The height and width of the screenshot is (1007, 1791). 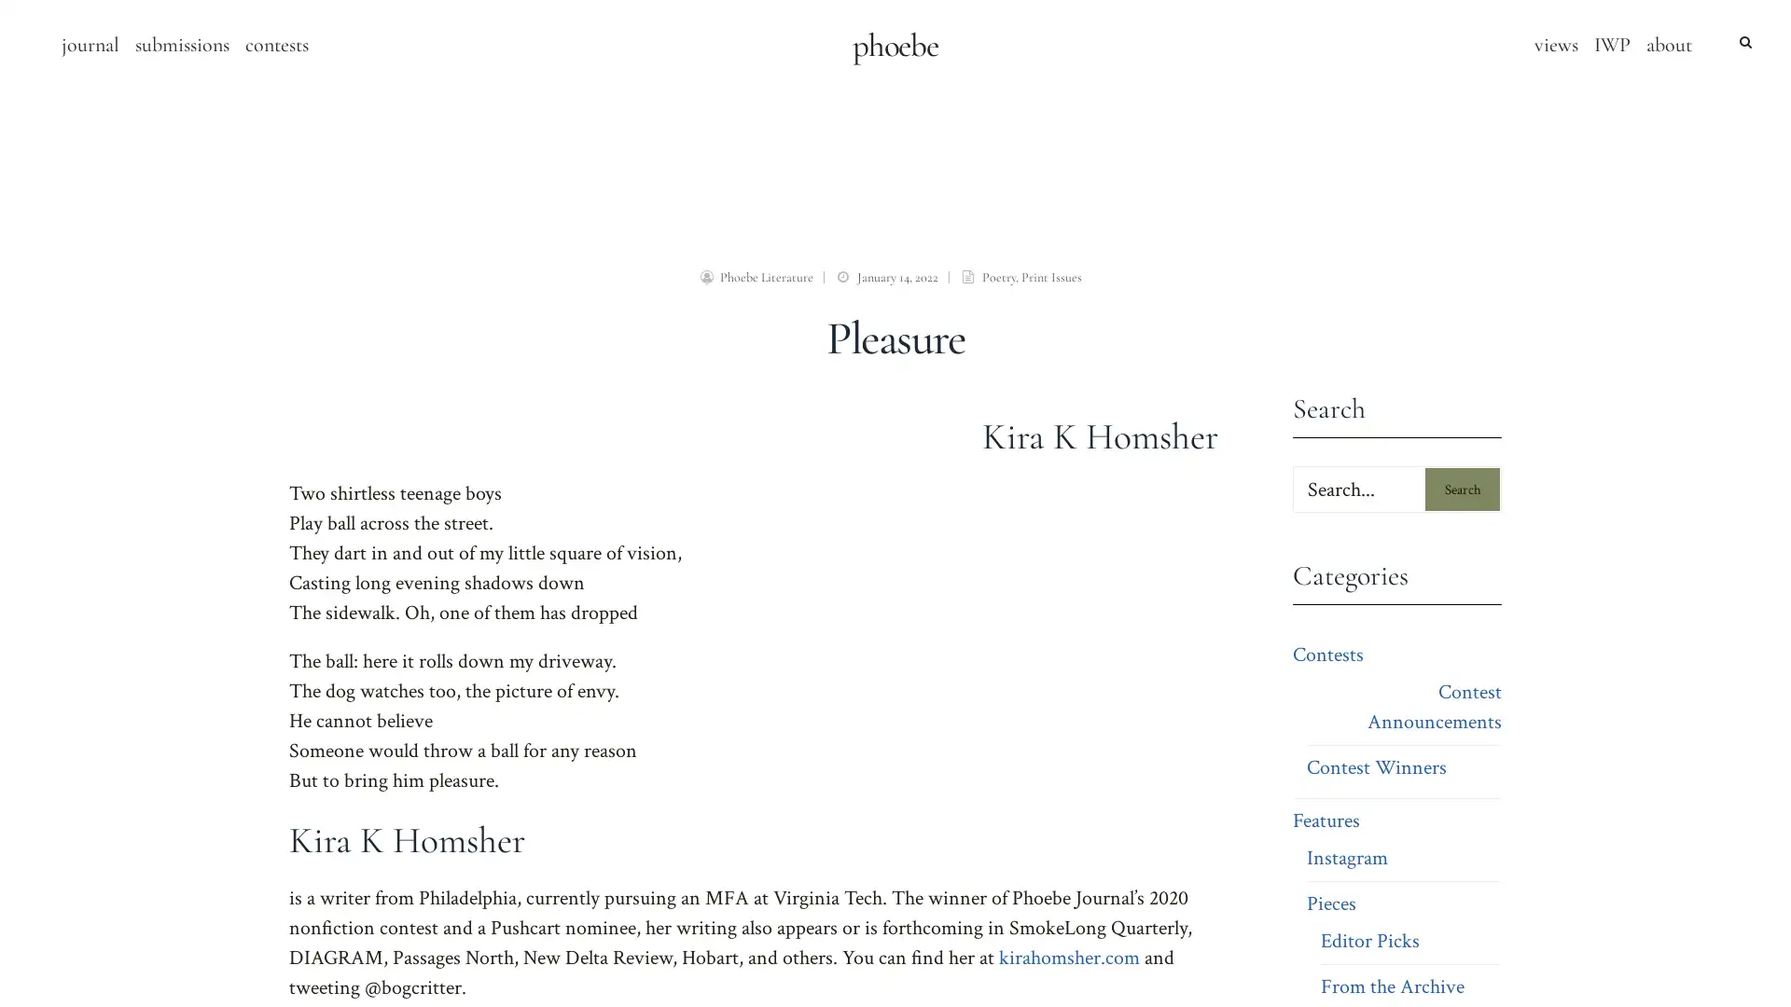 I want to click on Search, so click(x=1462, y=488).